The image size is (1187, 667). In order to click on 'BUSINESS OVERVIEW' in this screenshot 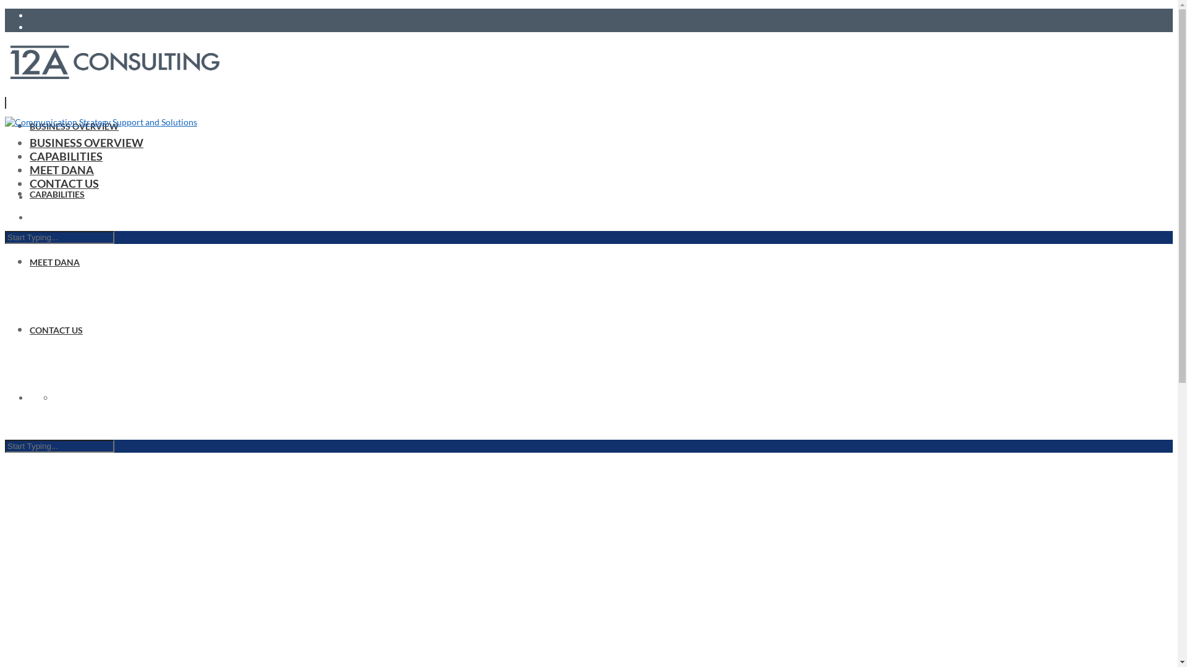, I will do `click(74, 126)`.